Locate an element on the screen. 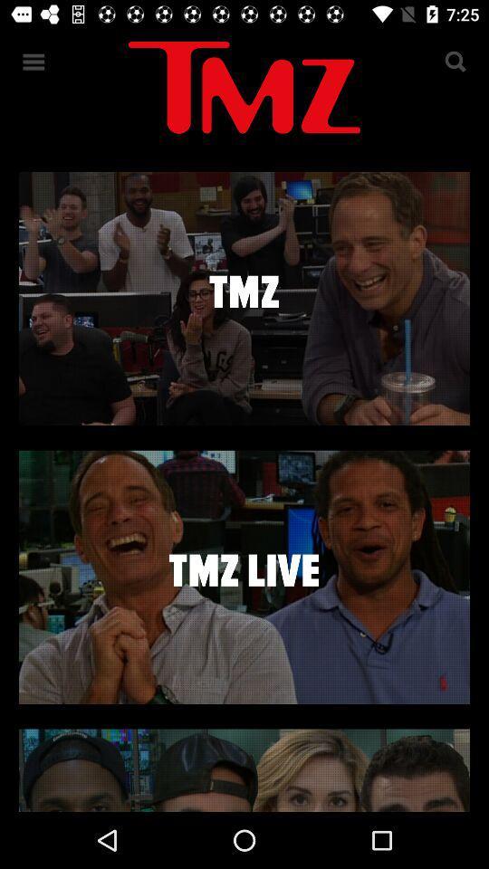 The image size is (489, 869). page is located at coordinates (244, 576).